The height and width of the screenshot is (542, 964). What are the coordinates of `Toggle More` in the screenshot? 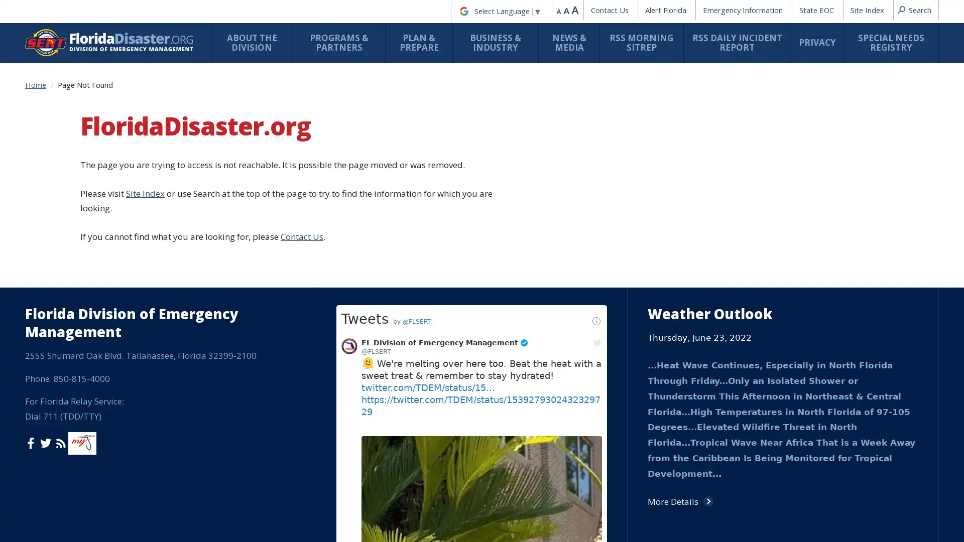 It's located at (503, 514).